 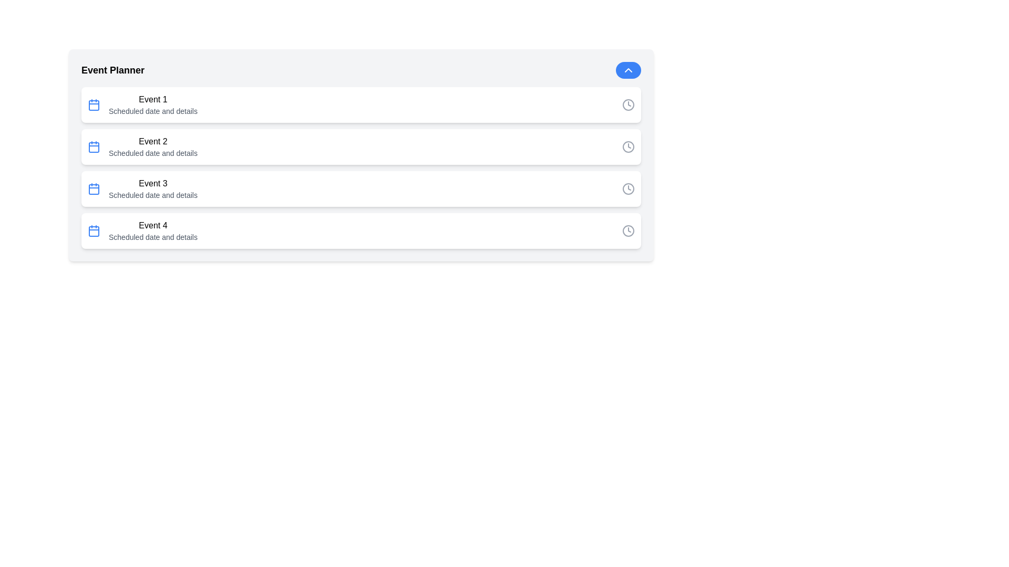 What do you see at coordinates (152, 105) in the screenshot?
I see `the text display element representing 'Event 1' with a description stating 'Scheduled date and details', which is the first entry in the vertical list of event items` at bounding box center [152, 105].